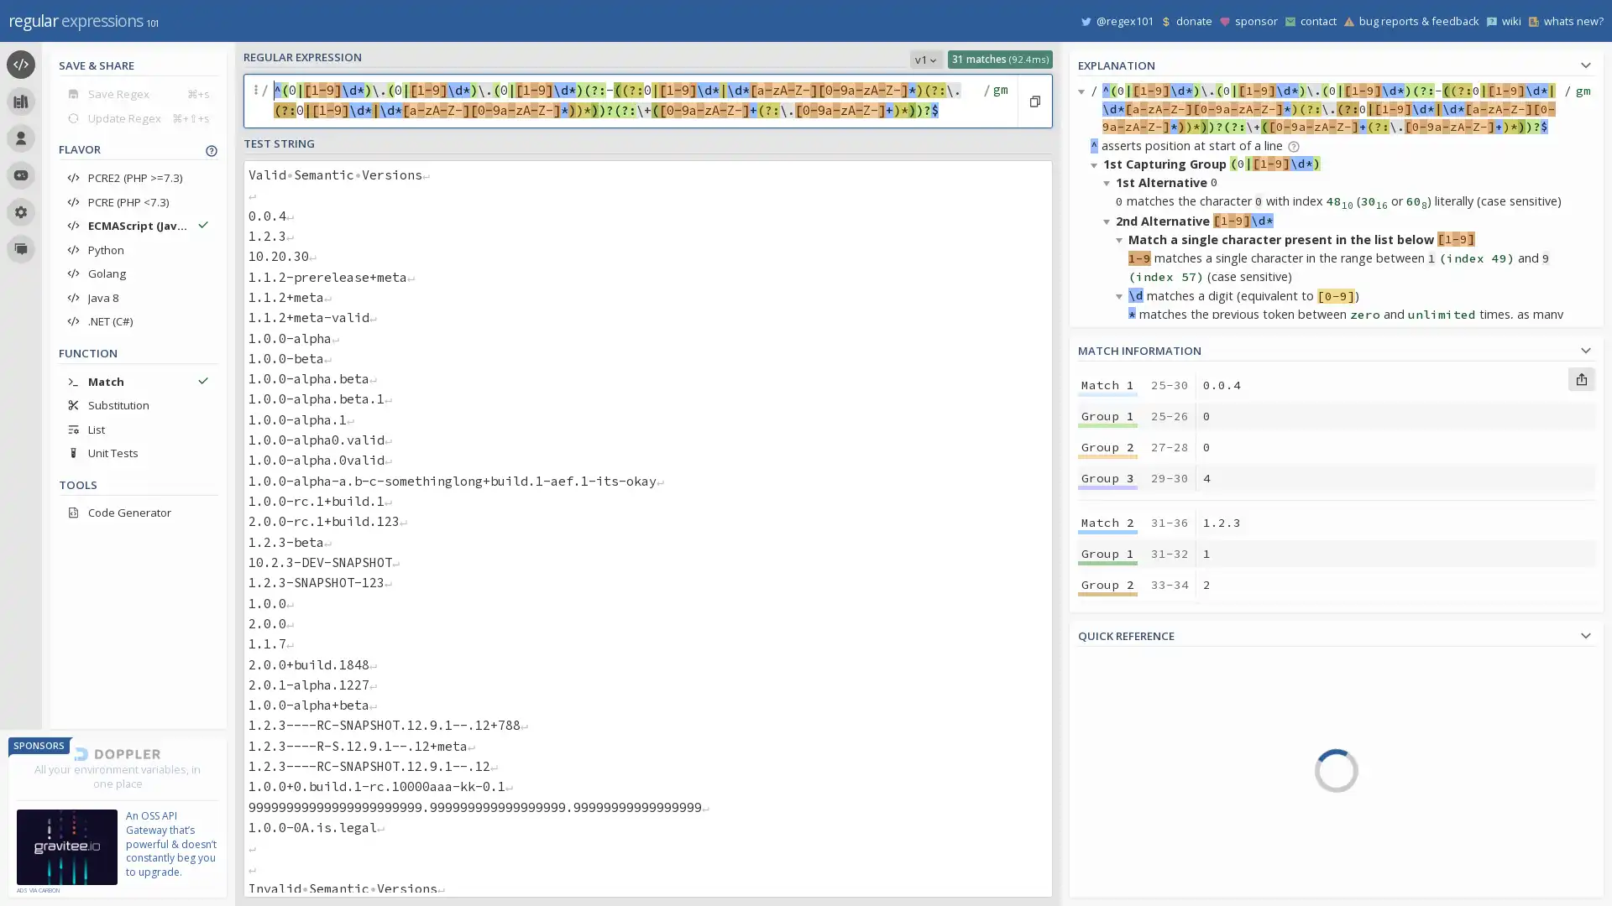 The image size is (1612, 906). What do you see at coordinates (1156, 840) in the screenshot?
I see `Group Constructs` at bounding box center [1156, 840].